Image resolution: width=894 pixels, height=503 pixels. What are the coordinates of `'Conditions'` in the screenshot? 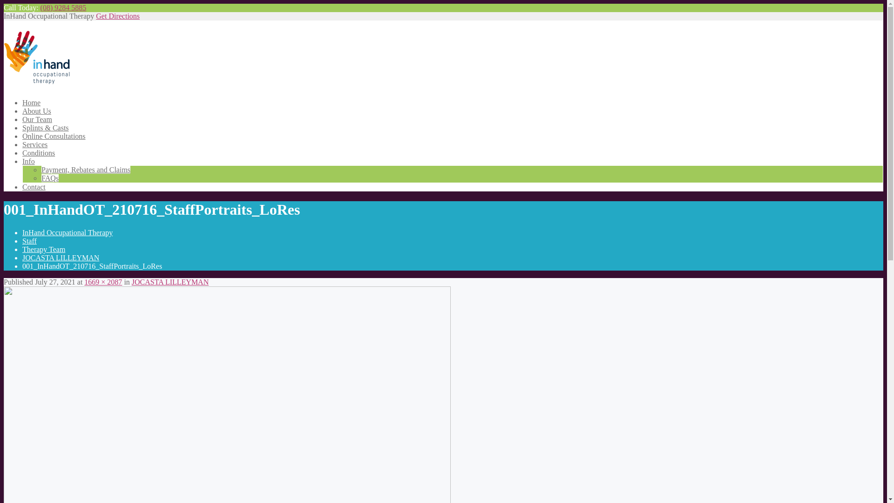 It's located at (38, 152).